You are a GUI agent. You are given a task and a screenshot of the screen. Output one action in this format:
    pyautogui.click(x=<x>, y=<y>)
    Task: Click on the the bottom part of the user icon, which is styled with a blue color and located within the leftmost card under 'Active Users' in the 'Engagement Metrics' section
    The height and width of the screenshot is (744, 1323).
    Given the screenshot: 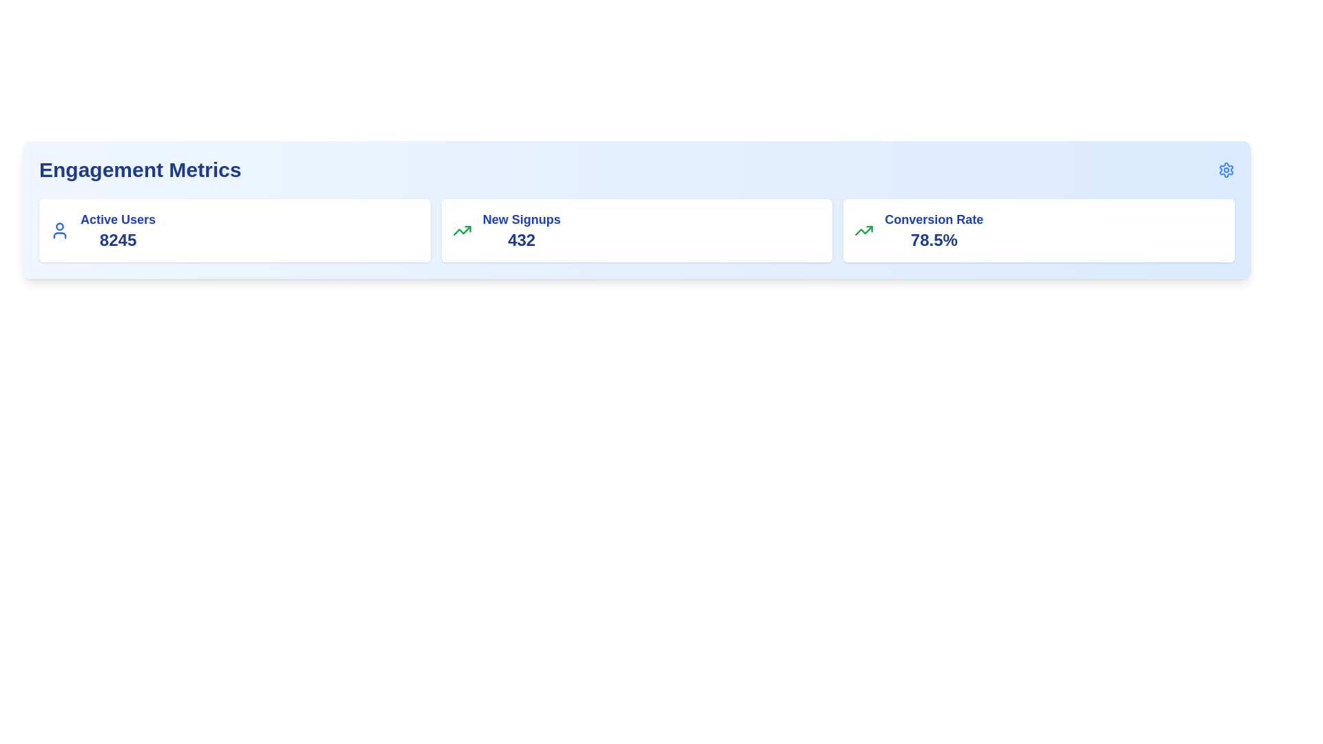 What is the action you would take?
    pyautogui.click(x=59, y=235)
    